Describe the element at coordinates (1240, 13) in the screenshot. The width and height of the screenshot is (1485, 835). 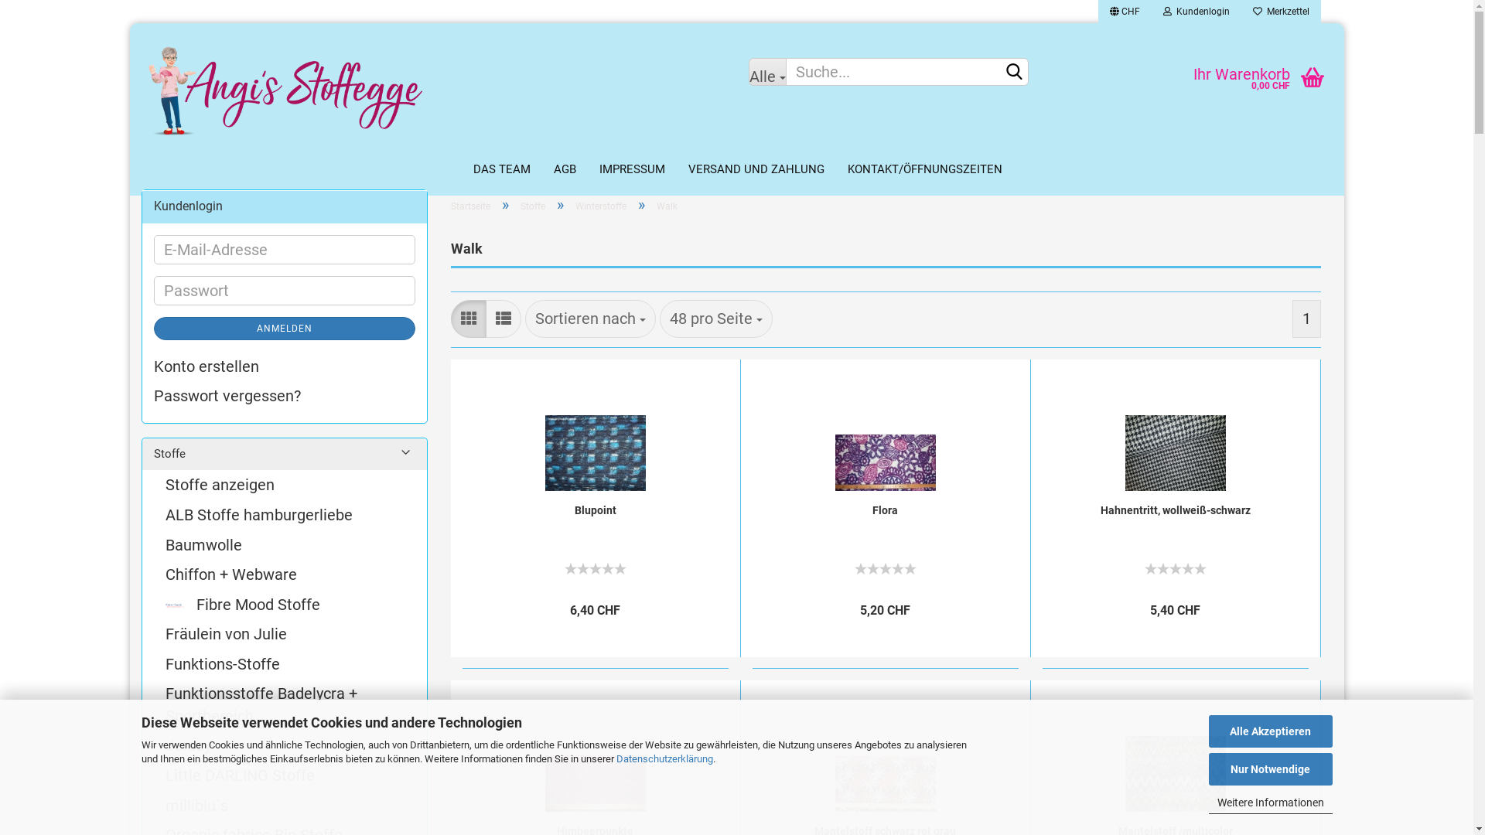
I see `' Merkzettel'` at that location.